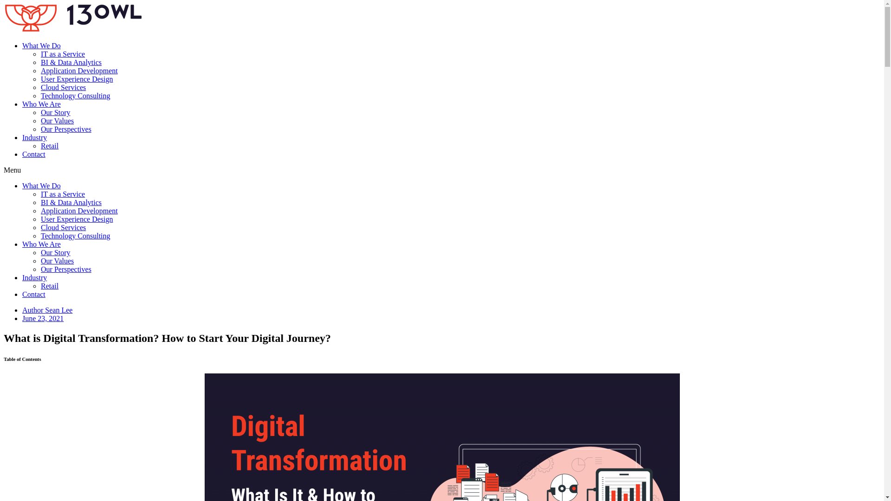  I want to click on 'Industry', so click(34, 277).